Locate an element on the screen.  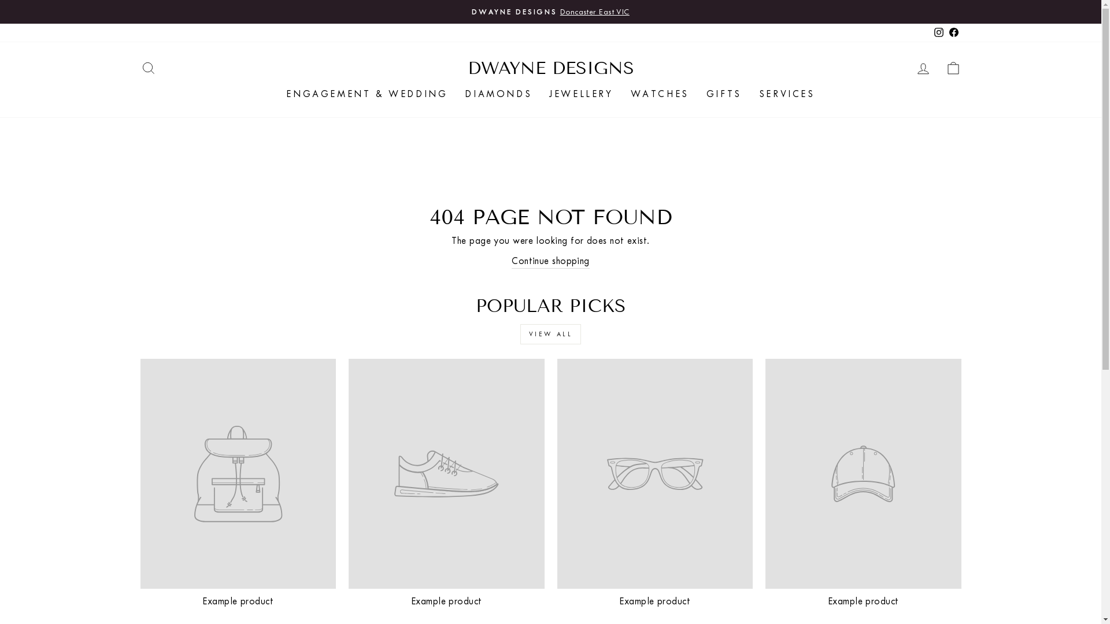
'CART' is located at coordinates (952, 68).